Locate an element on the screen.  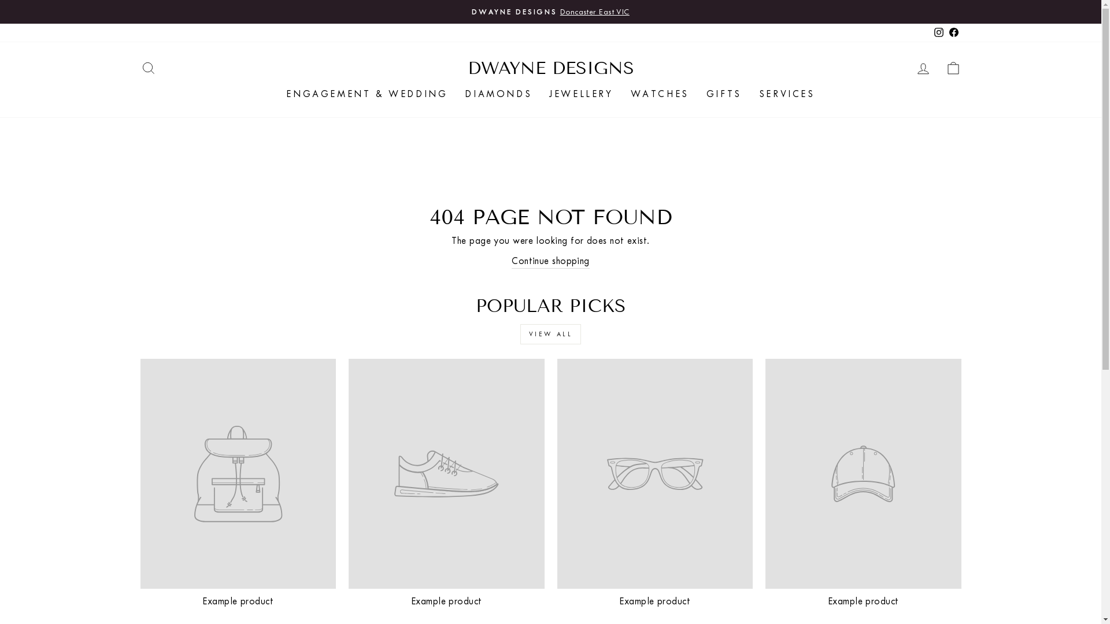
'CART' is located at coordinates (952, 68).